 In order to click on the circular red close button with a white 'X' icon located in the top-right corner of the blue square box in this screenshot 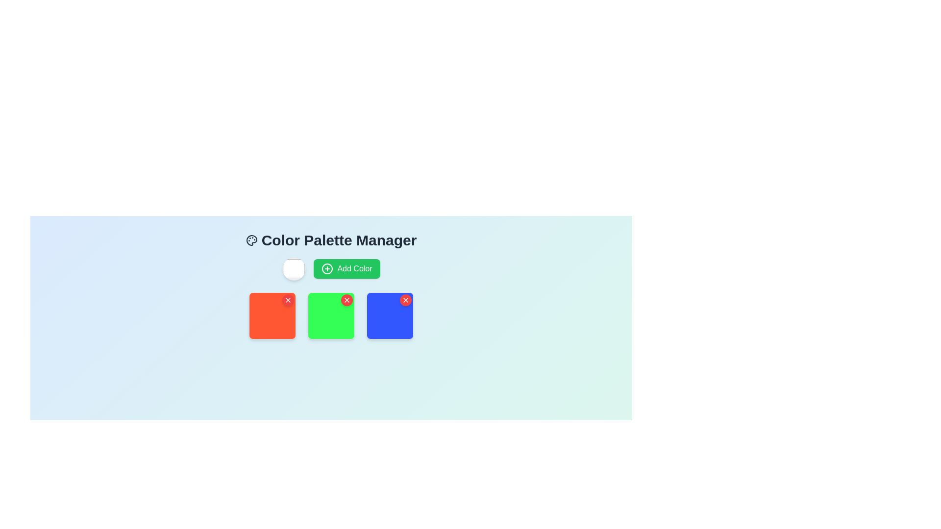, I will do `click(406, 300)`.